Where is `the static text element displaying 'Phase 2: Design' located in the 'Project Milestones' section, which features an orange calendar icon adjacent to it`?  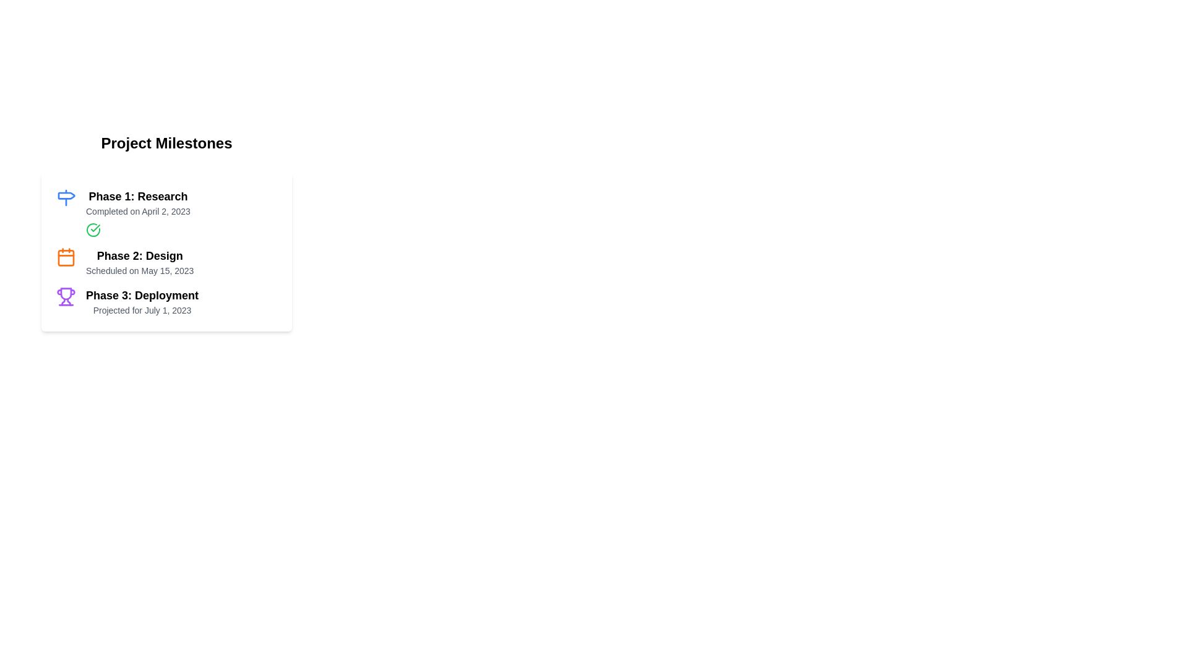
the static text element displaying 'Phase 2: Design' located in the 'Project Milestones' section, which features an orange calendar icon adjacent to it is located at coordinates (140, 255).